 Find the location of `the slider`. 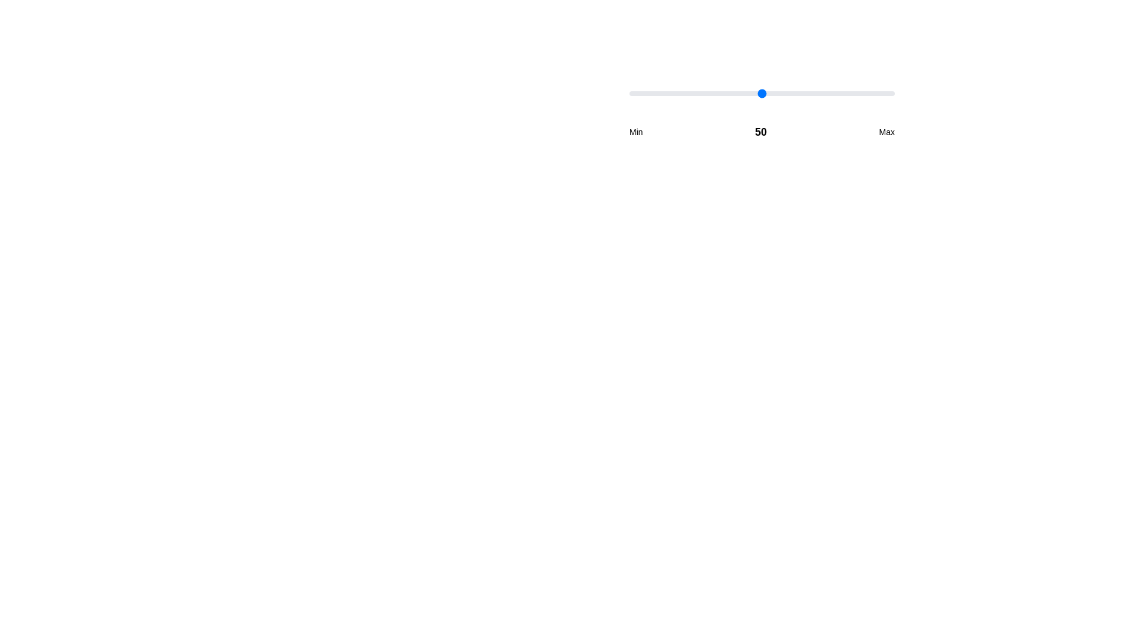

the slider is located at coordinates (748, 93).